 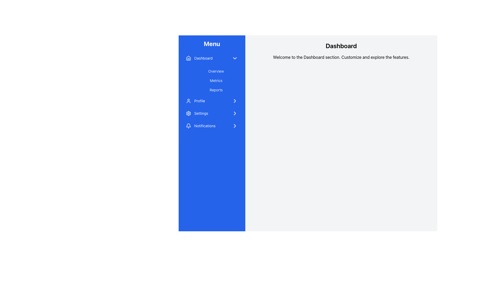 I want to click on the bell icon representing notifications, which is outlined in white on a blue background, located in the vertical list on the blue menu sidebar, so click(x=188, y=126).